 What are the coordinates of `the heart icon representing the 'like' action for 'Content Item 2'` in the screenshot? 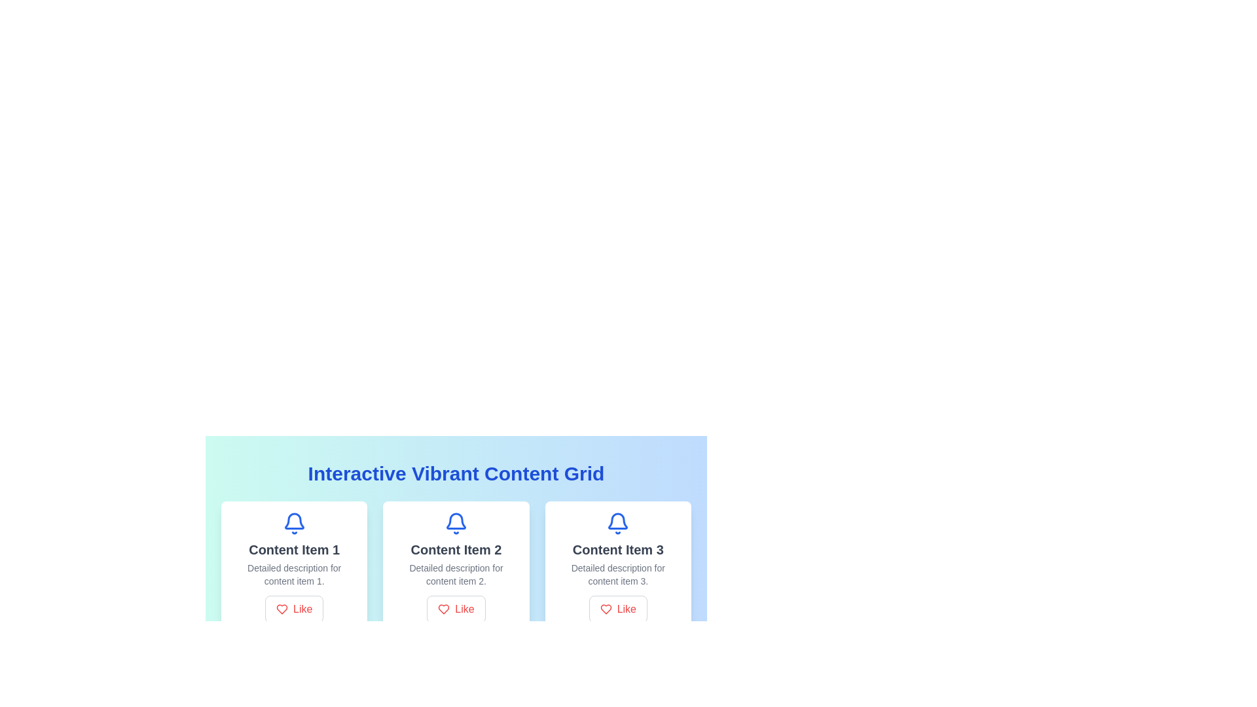 It's located at (444, 609).